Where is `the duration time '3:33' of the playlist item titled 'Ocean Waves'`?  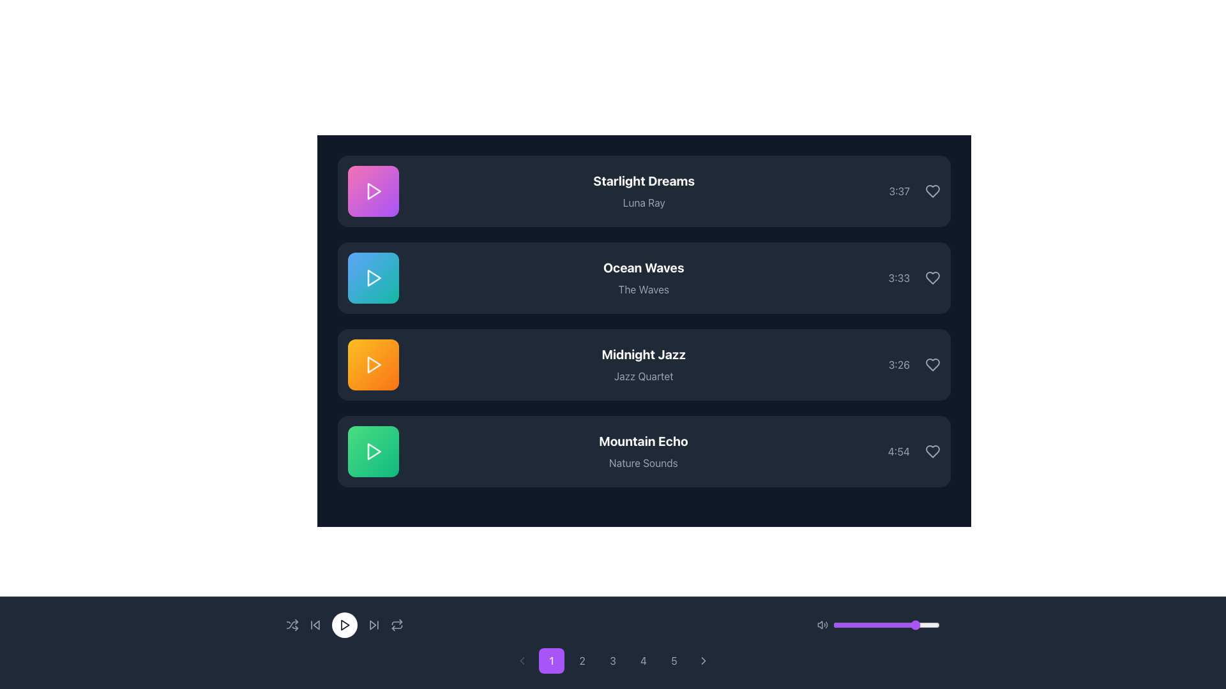 the duration time '3:33' of the playlist item titled 'Ocean Waves' is located at coordinates (644, 277).